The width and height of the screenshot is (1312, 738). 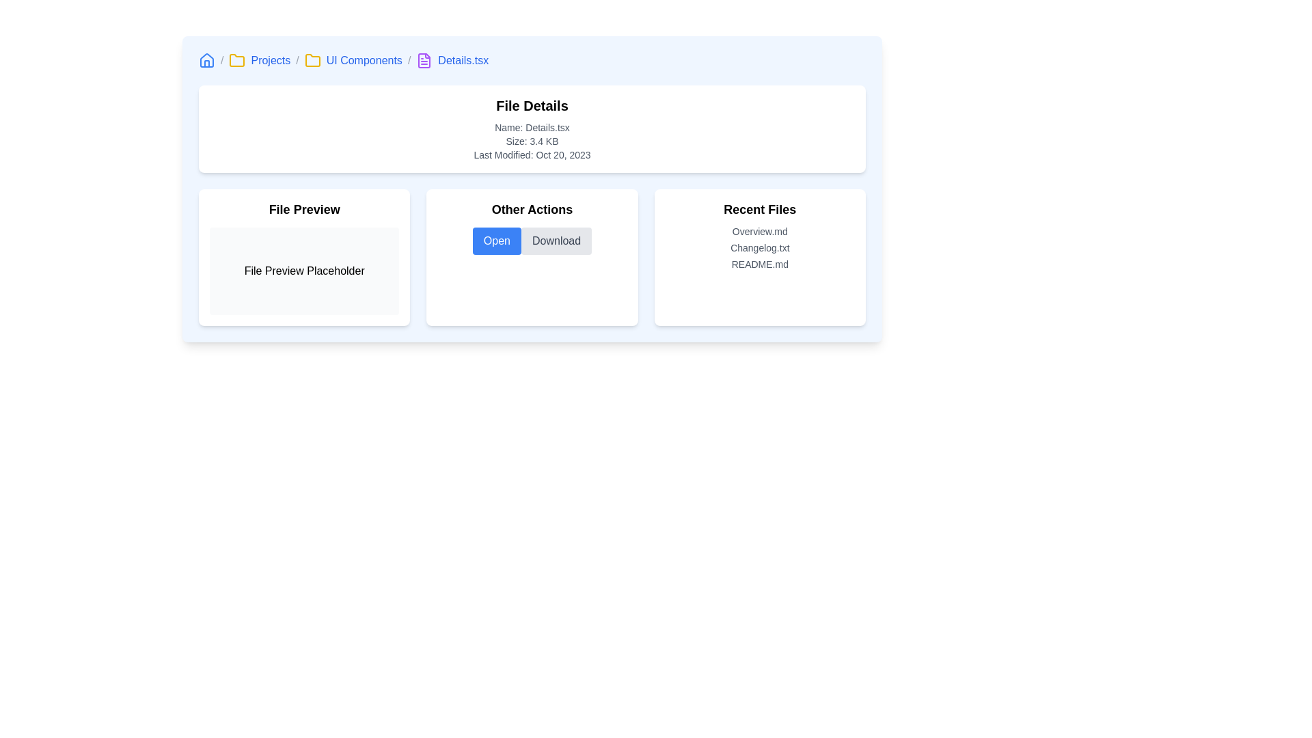 I want to click on the text label displaying the file name 'Overview.md', which is the first item in the 'Recent Files' section, so click(x=759, y=231).